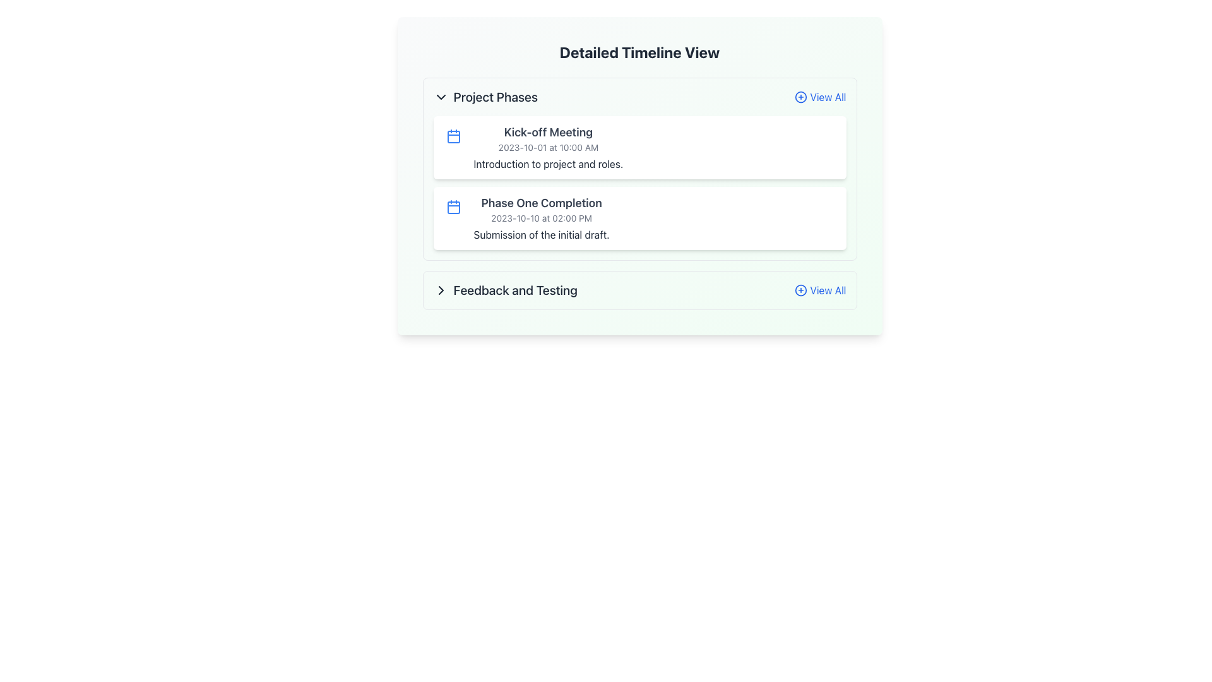 This screenshot has width=1212, height=682. Describe the element at coordinates (800, 290) in the screenshot. I see `the icon on the right side of the 'View All' button in the 'Feedback and Testing' section` at that location.